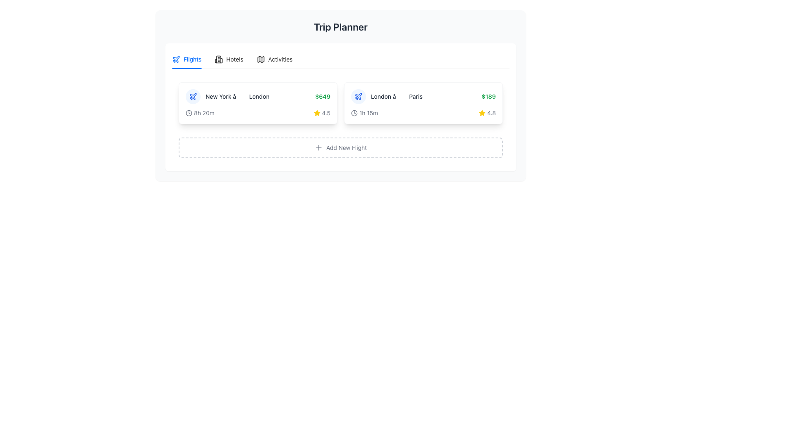 Image resolution: width=794 pixels, height=446 pixels. What do you see at coordinates (186, 59) in the screenshot?
I see `the active 'Flights' tab button, which is styled with blue text and an airplane icon` at bounding box center [186, 59].